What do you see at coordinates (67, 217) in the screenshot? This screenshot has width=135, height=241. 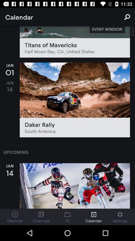 I see `the date_range icon` at bounding box center [67, 217].